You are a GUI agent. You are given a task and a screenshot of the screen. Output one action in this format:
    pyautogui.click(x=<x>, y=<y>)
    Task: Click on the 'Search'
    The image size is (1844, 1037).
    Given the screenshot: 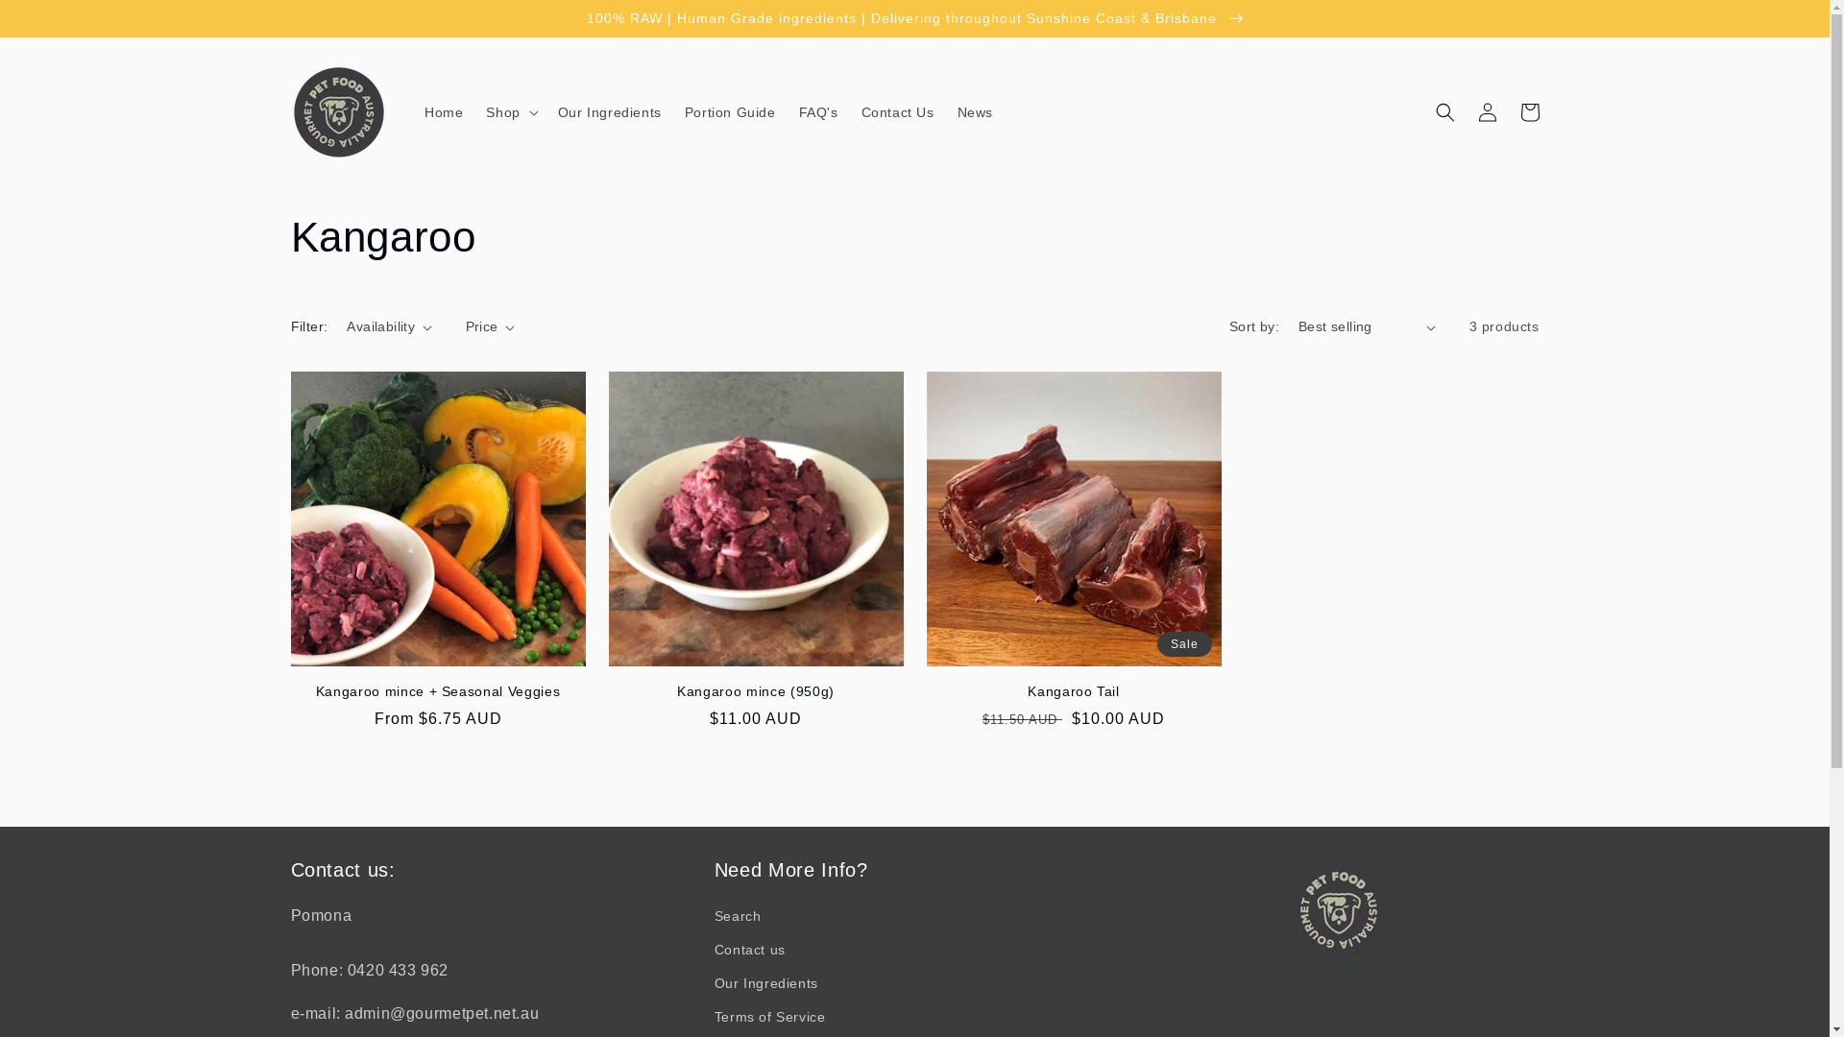 What is the action you would take?
    pyautogui.click(x=737, y=917)
    